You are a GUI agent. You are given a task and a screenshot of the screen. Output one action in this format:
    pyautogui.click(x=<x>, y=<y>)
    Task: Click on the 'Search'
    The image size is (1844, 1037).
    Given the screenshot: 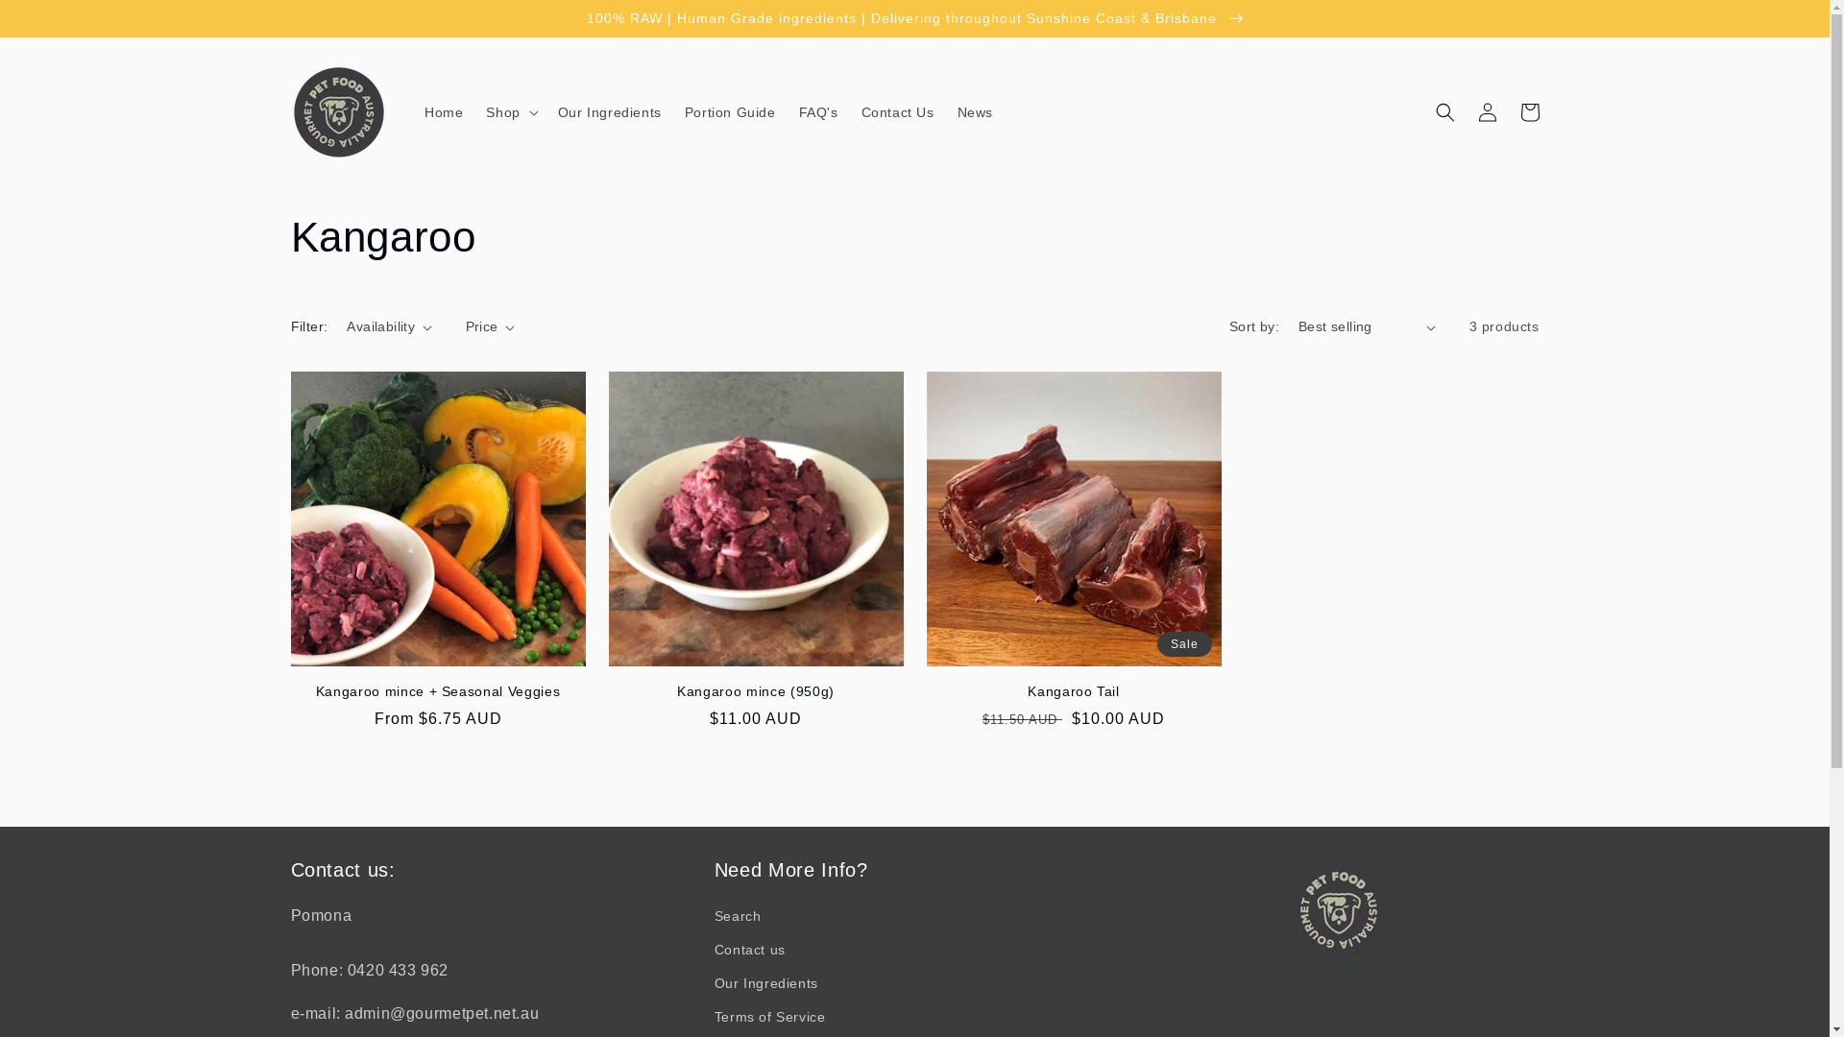 What is the action you would take?
    pyautogui.click(x=737, y=917)
    